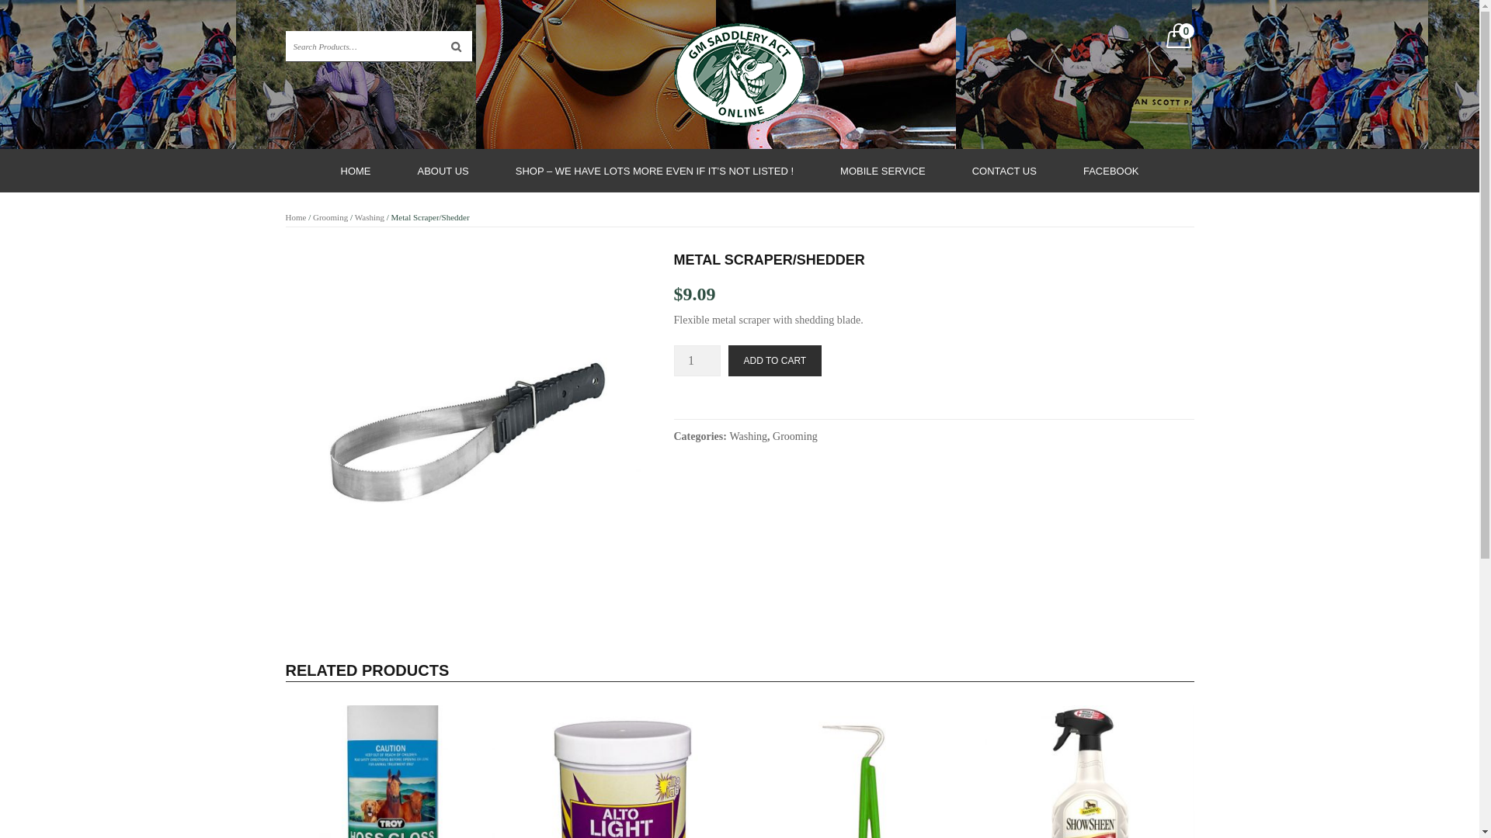 The image size is (1491, 838). Describe the element at coordinates (296, 217) in the screenshot. I see `'Home'` at that location.